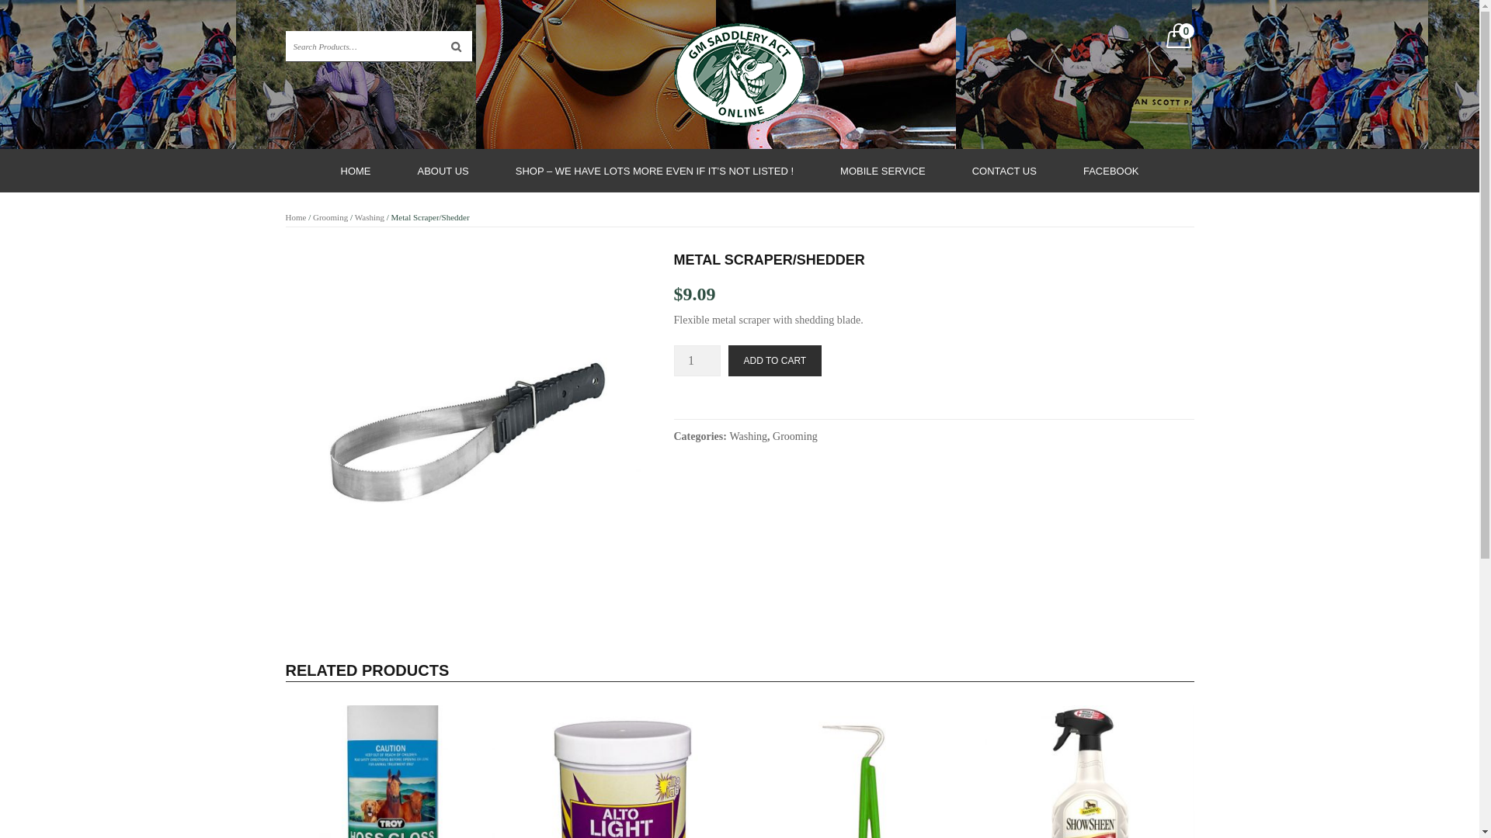 The image size is (1491, 838). Describe the element at coordinates (296, 217) in the screenshot. I see `'Home'` at that location.